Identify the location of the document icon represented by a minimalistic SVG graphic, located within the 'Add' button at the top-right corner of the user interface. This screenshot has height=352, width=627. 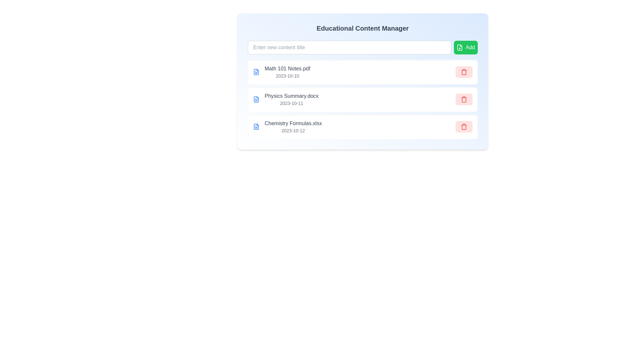
(459, 47).